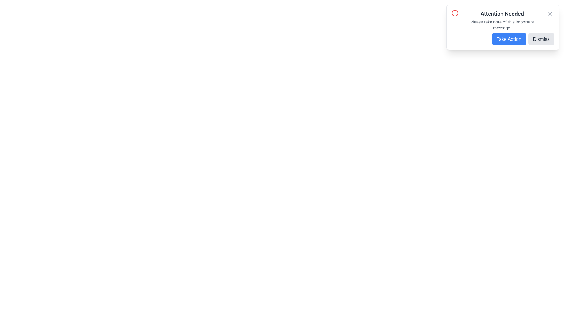 The image size is (564, 317). Describe the element at coordinates (550, 13) in the screenshot. I see `the close button located in the top-right corner of the 'Attention Needed' modal dialog to change its appearance` at that location.